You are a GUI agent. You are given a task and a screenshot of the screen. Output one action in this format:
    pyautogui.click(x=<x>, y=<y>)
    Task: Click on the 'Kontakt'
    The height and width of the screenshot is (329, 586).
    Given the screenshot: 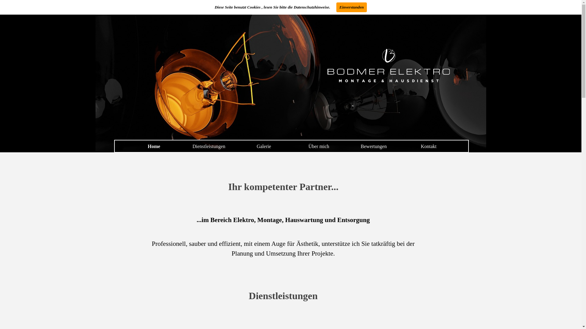 What is the action you would take?
    pyautogui.click(x=429, y=146)
    